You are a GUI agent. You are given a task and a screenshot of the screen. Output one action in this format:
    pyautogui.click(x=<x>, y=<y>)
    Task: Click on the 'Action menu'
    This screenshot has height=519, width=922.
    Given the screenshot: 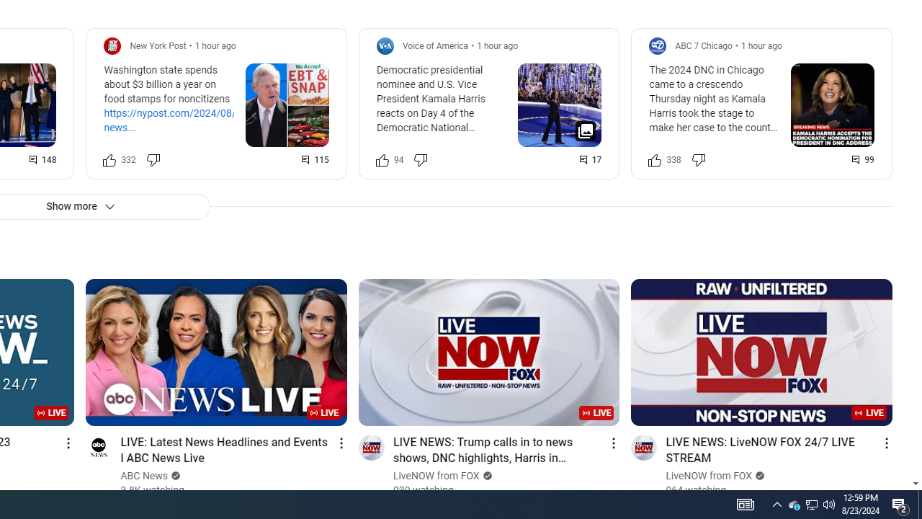 What is the action you would take?
    pyautogui.click(x=885, y=442)
    